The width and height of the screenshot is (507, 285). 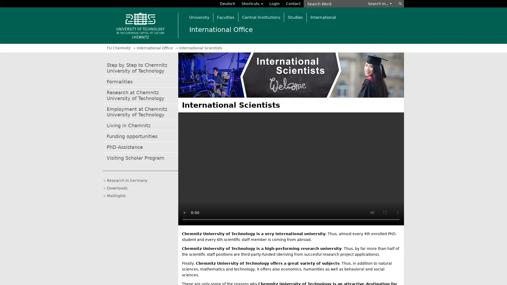 I want to click on Studies, so click(x=295, y=17).